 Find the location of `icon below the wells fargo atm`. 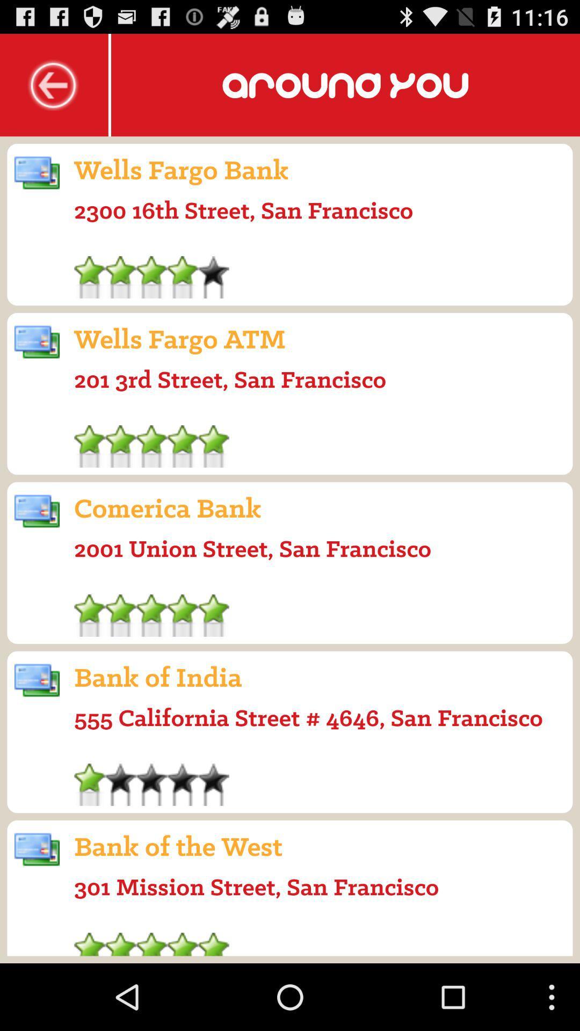

icon below the wells fargo atm is located at coordinates (229, 379).